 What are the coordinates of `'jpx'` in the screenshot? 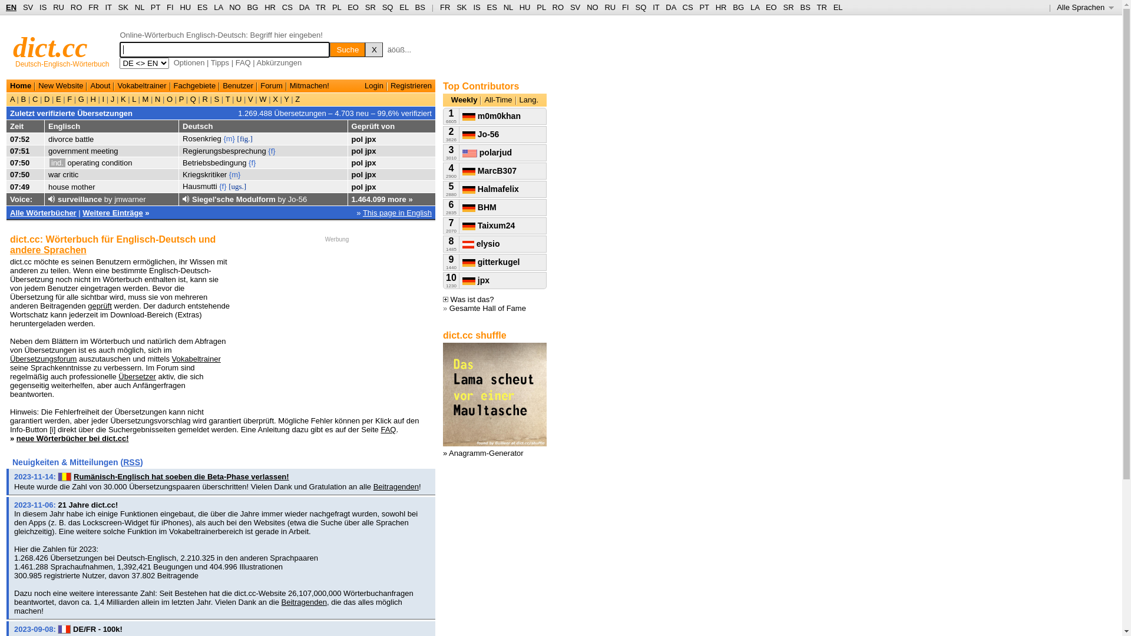 It's located at (475, 280).